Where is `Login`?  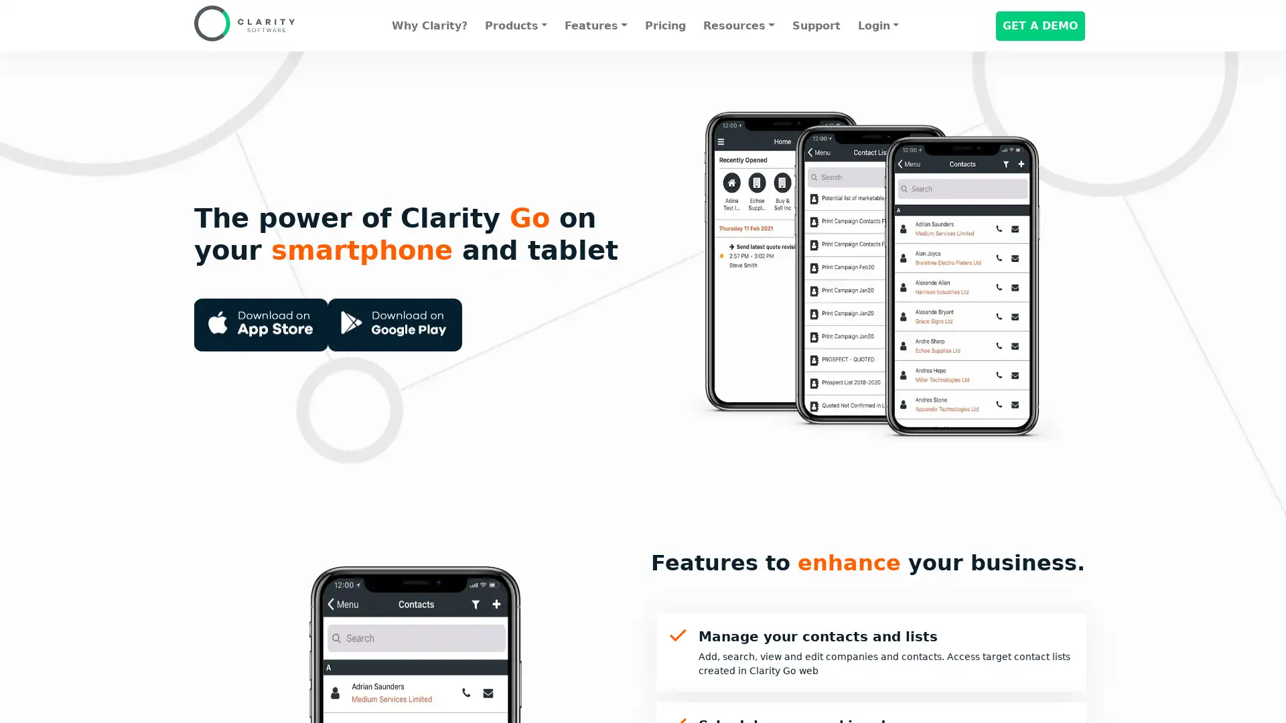
Login is located at coordinates (877, 25).